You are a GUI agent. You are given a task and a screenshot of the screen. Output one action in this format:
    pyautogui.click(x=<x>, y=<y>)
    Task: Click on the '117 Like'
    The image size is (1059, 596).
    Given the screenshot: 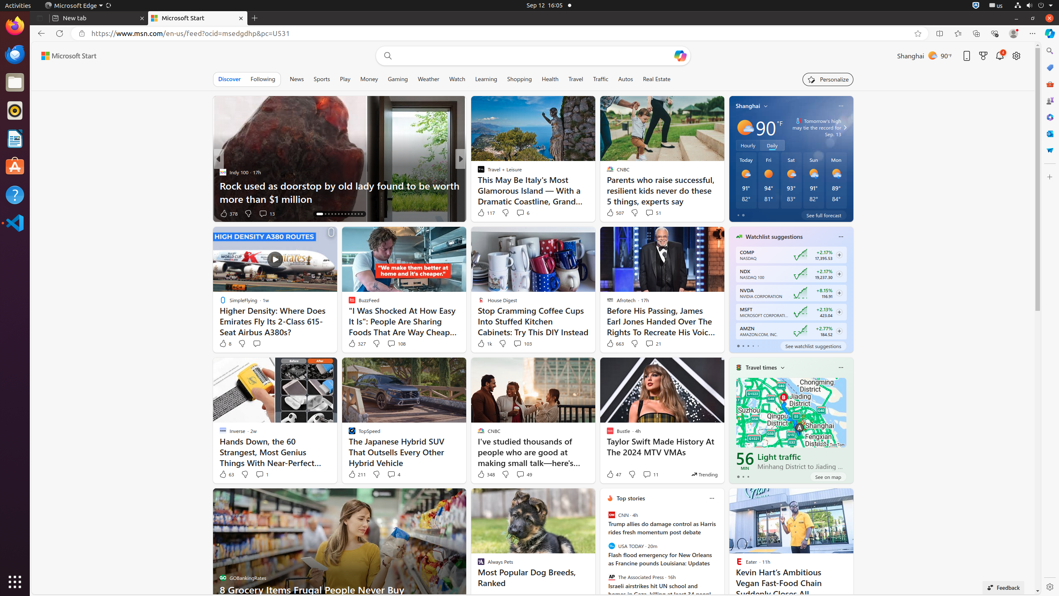 What is the action you would take?
    pyautogui.click(x=486, y=212)
    